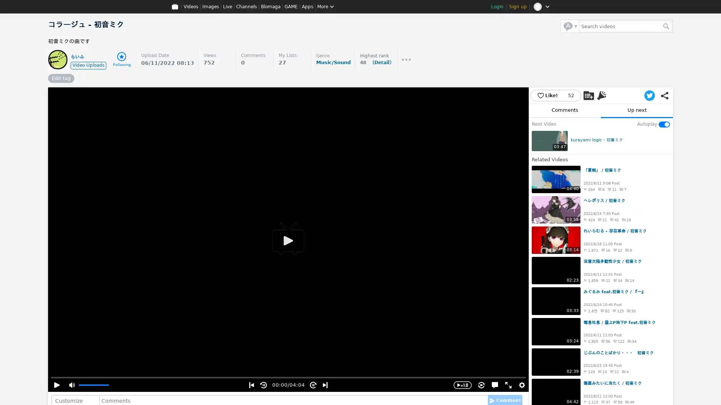 This screenshot has height=405, width=721. What do you see at coordinates (72, 385) in the screenshot?
I see `Mute` at bounding box center [72, 385].